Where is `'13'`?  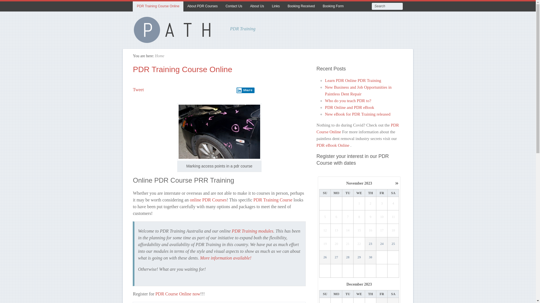
'13' is located at coordinates (336, 230).